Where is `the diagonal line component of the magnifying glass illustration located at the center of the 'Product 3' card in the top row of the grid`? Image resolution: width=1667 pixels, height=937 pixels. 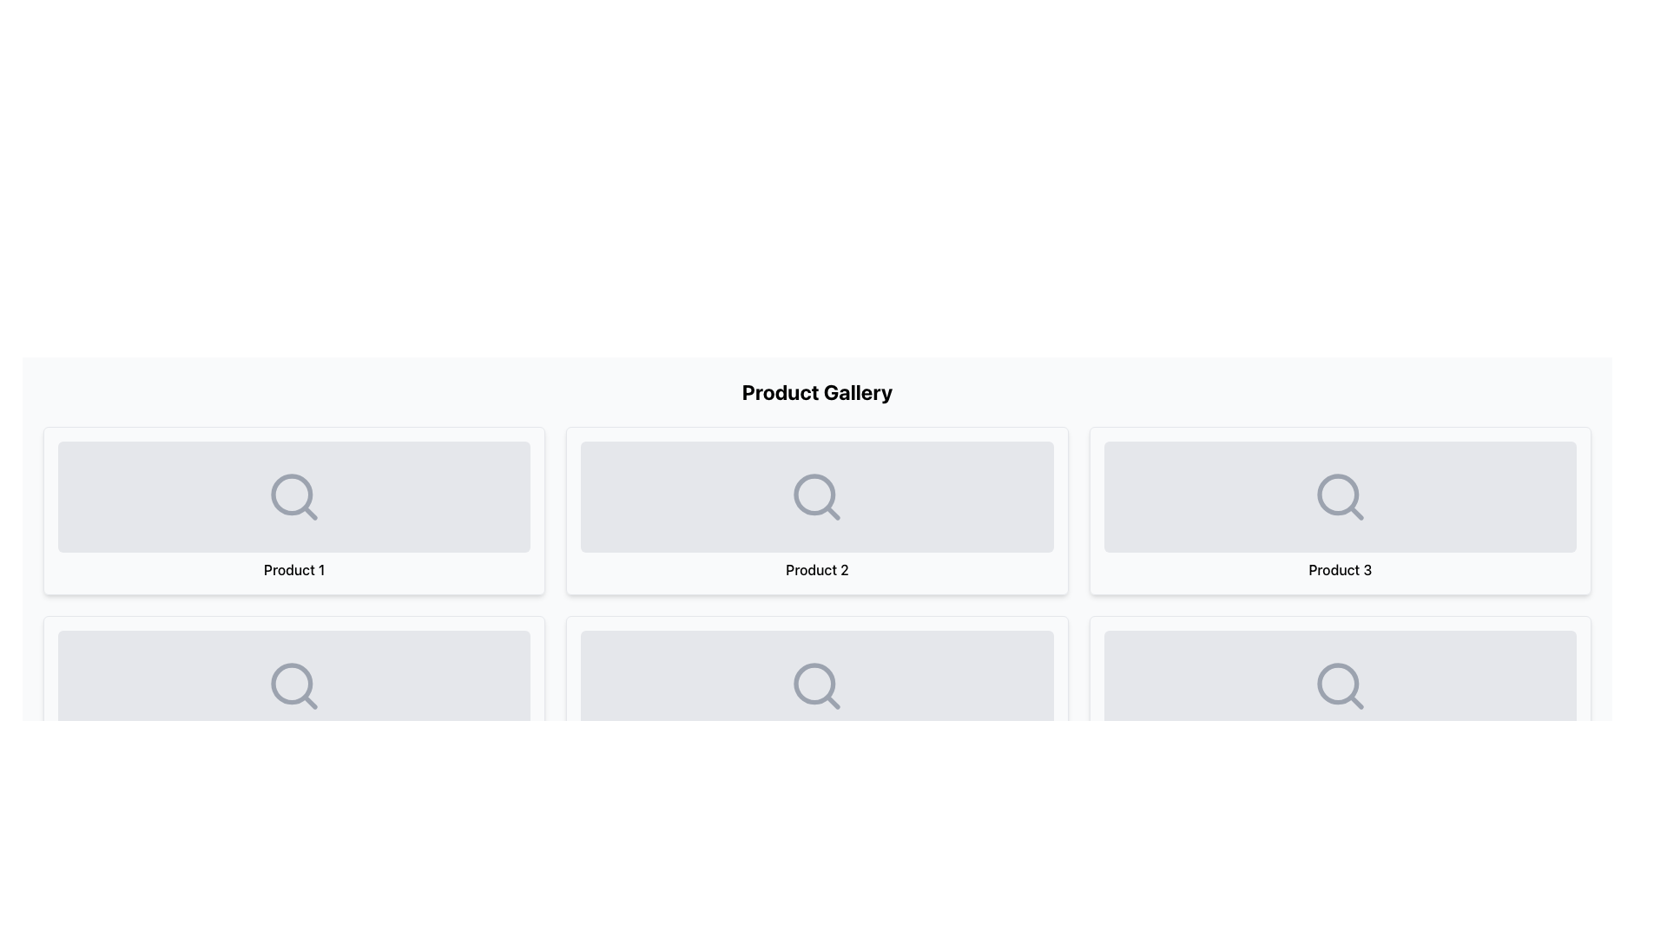 the diagonal line component of the magnifying glass illustration located at the center of the 'Product 3' card in the top row of the grid is located at coordinates (1355, 512).